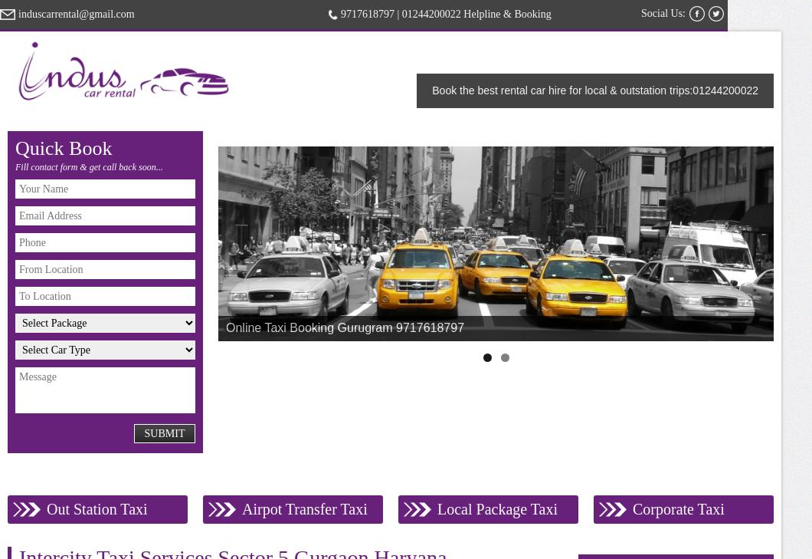 The image size is (812, 559). Describe the element at coordinates (678, 508) in the screenshot. I see `'Corporate Taxi'` at that location.